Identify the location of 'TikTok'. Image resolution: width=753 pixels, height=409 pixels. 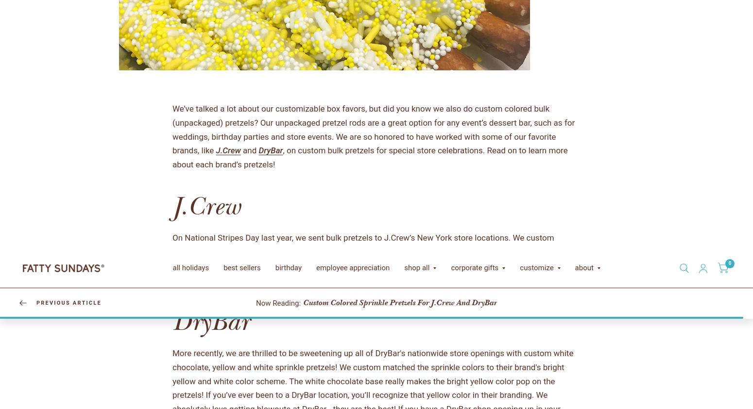
(197, 396).